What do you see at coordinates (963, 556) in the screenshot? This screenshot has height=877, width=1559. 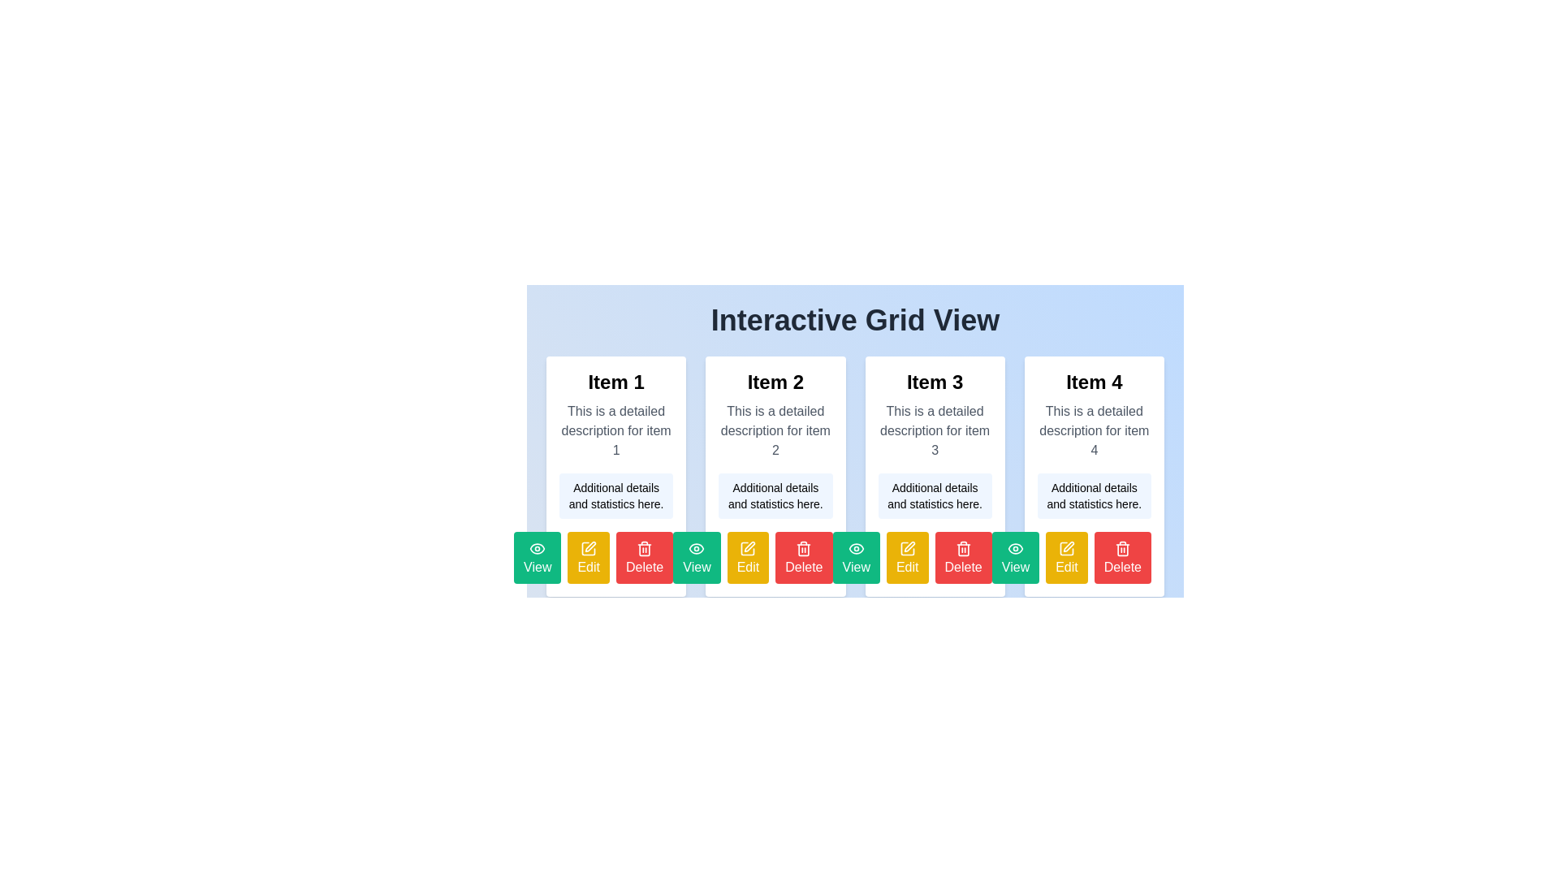 I see `the delete button located as the third option in the button group below the 'Item 3' column in the grid layout` at bounding box center [963, 556].